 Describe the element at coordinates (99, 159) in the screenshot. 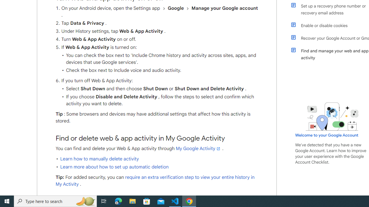

I see `'Learn how to manually delete activity'` at that location.